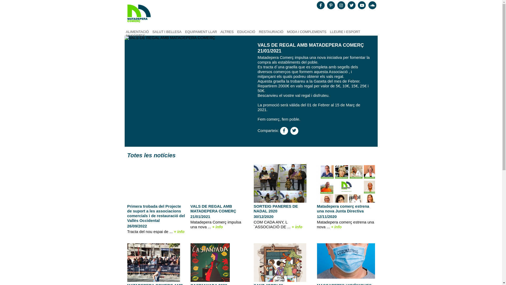 This screenshot has height=285, width=506. I want to click on 'EQUIPAMENT LLAR', so click(201, 32).